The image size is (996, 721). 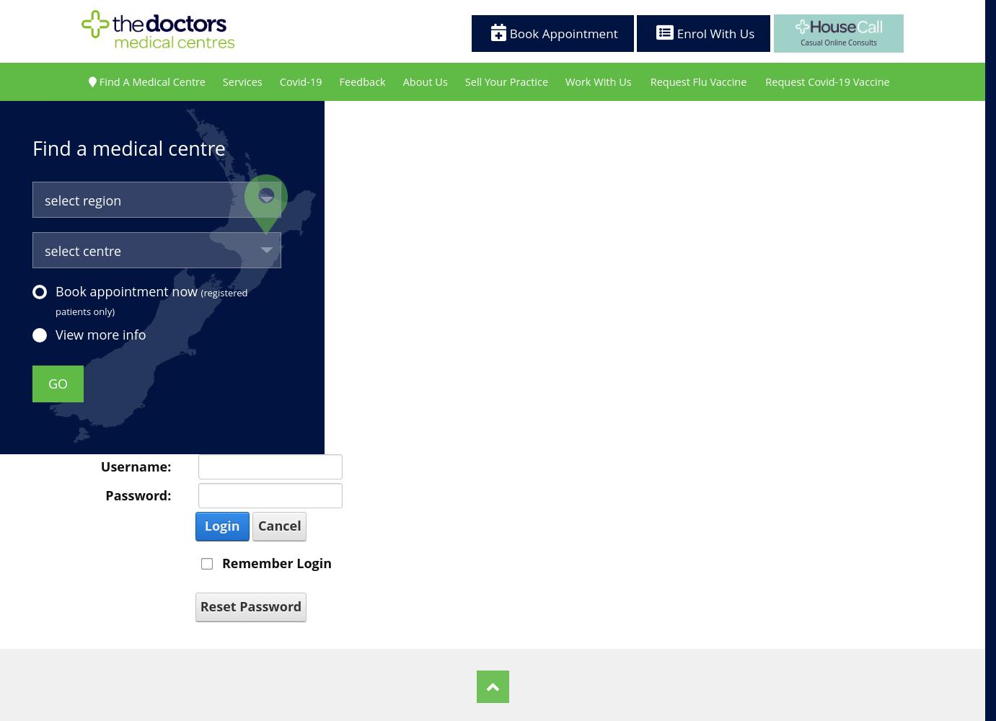 What do you see at coordinates (697, 80) in the screenshot?
I see `'Request Flu Vaccine'` at bounding box center [697, 80].